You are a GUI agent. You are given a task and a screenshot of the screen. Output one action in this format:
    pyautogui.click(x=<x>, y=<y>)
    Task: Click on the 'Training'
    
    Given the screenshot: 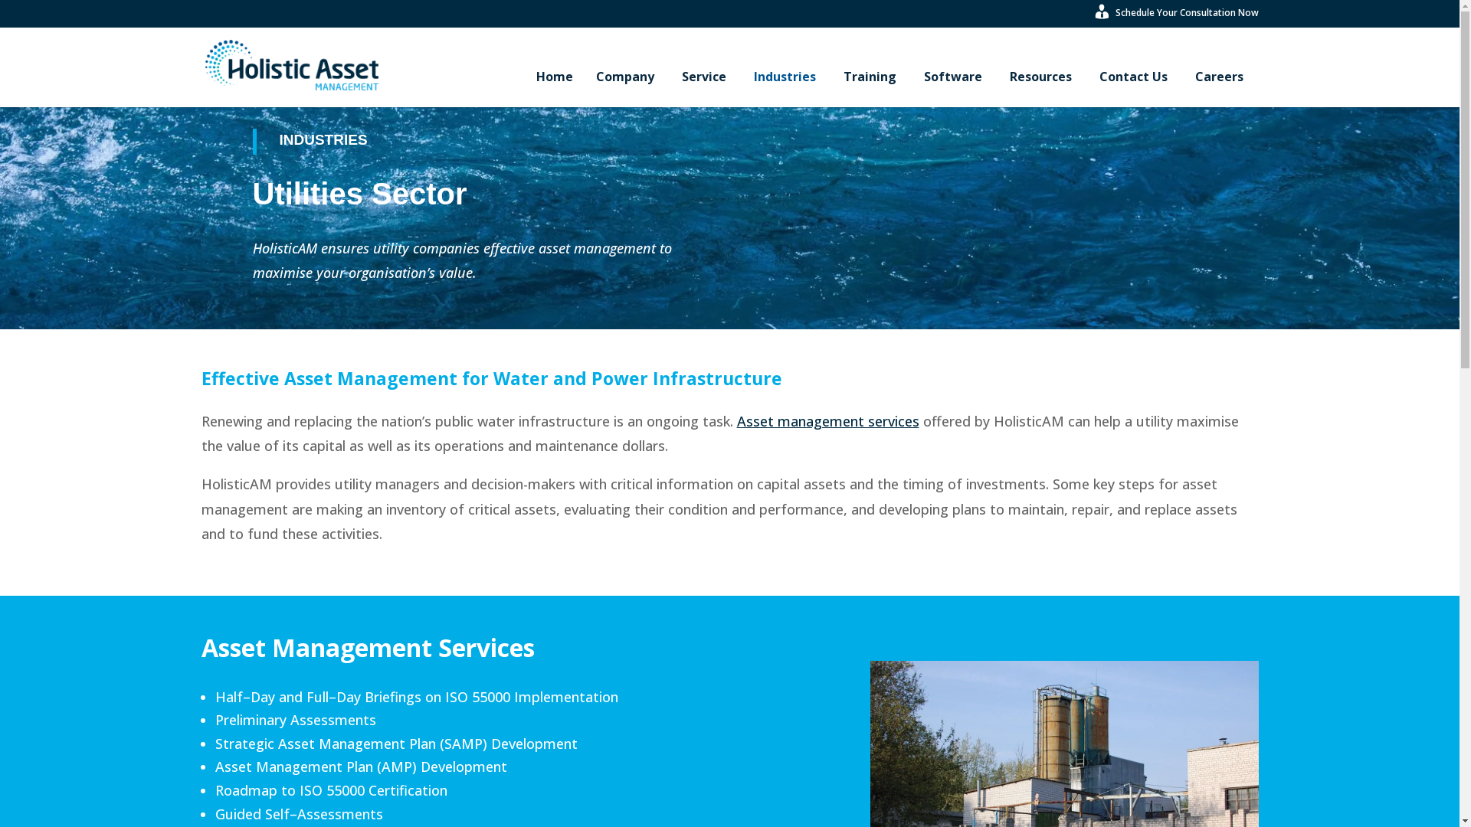 What is the action you would take?
    pyautogui.click(x=871, y=77)
    